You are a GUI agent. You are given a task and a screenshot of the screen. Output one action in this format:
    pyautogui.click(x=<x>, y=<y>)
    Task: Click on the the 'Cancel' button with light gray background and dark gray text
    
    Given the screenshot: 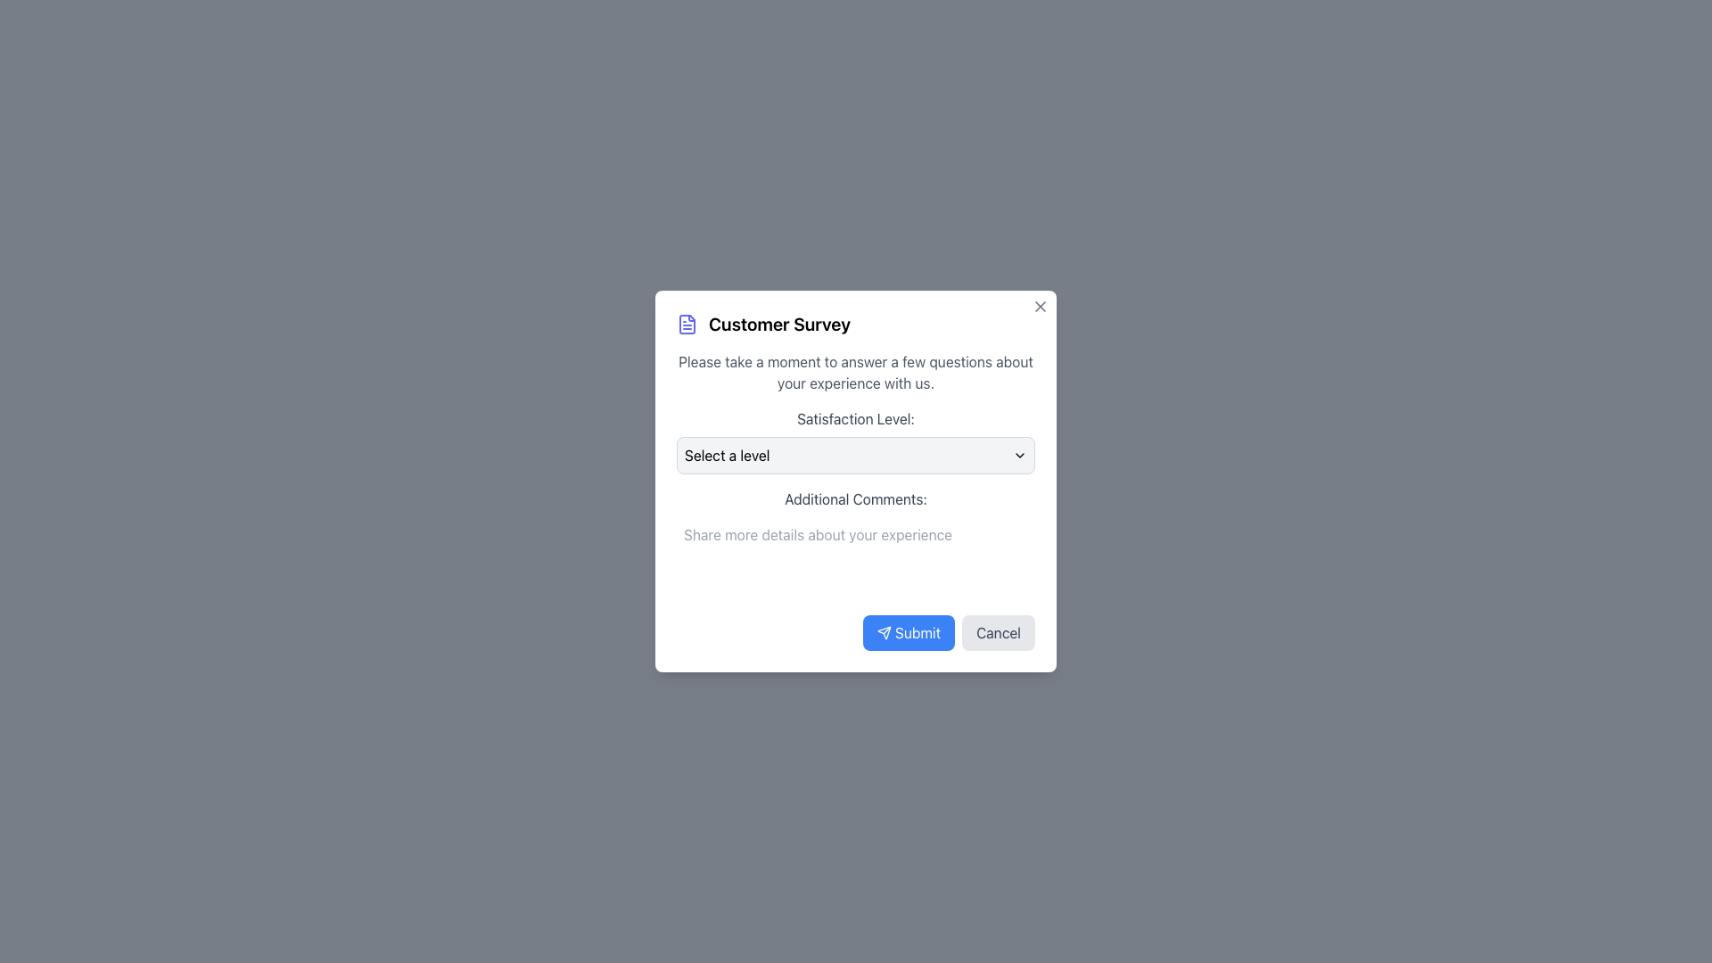 What is the action you would take?
    pyautogui.click(x=999, y=631)
    